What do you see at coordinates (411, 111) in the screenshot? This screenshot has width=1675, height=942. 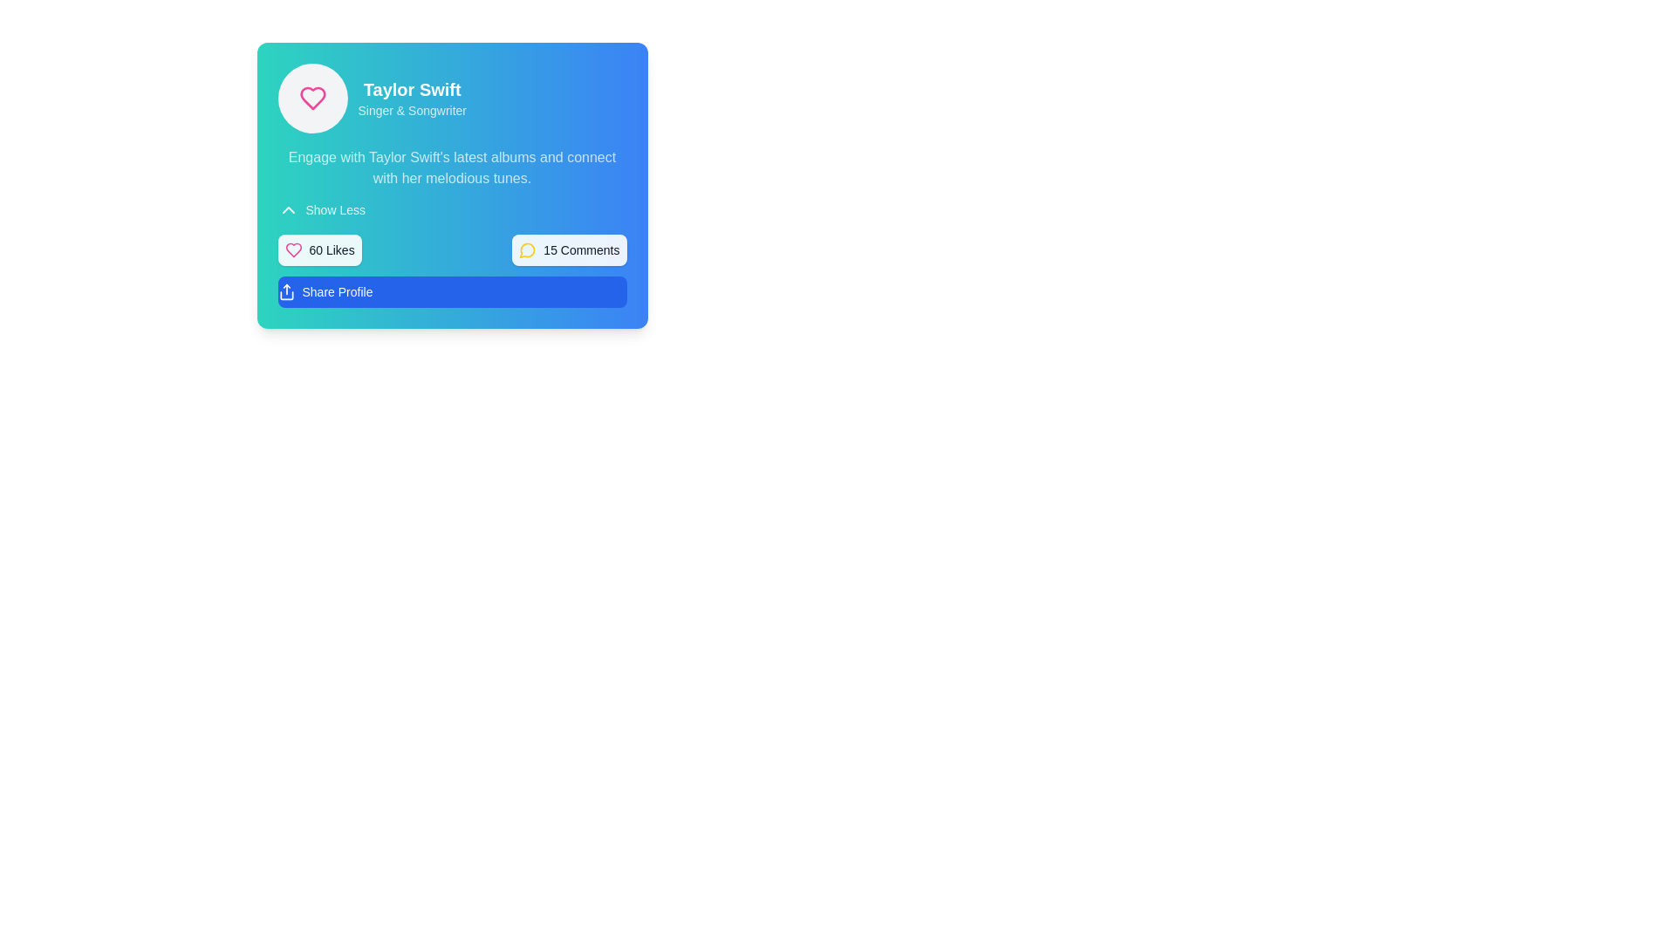 I see `text label displaying 'Singer & Songwriter', which is located below the text 'Taylor Swift' in a card-like interface` at bounding box center [411, 111].